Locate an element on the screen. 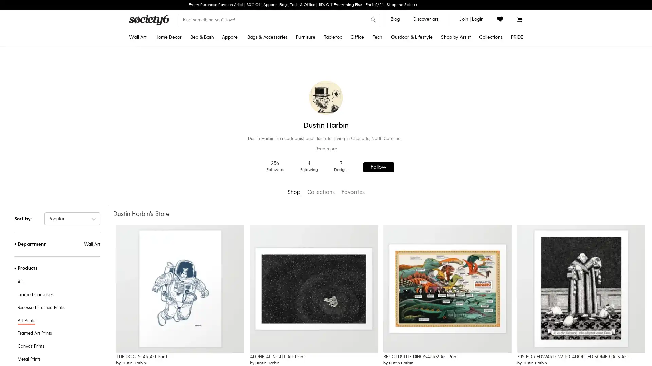  Beach Towels is located at coordinates (420, 153).